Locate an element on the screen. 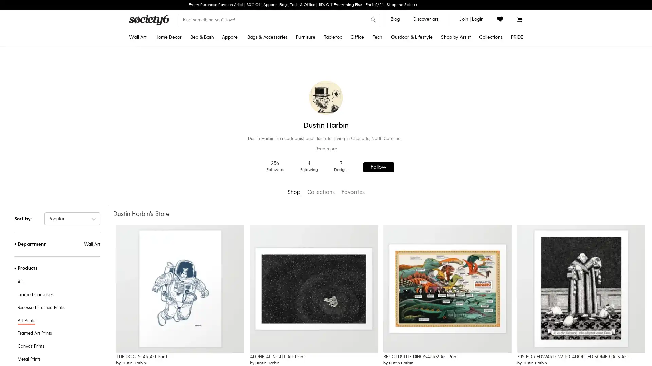  Beach Towels is located at coordinates (420, 153).